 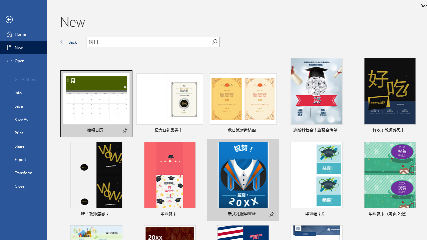 I want to click on 'Get Add-ins', so click(x=23, y=79).